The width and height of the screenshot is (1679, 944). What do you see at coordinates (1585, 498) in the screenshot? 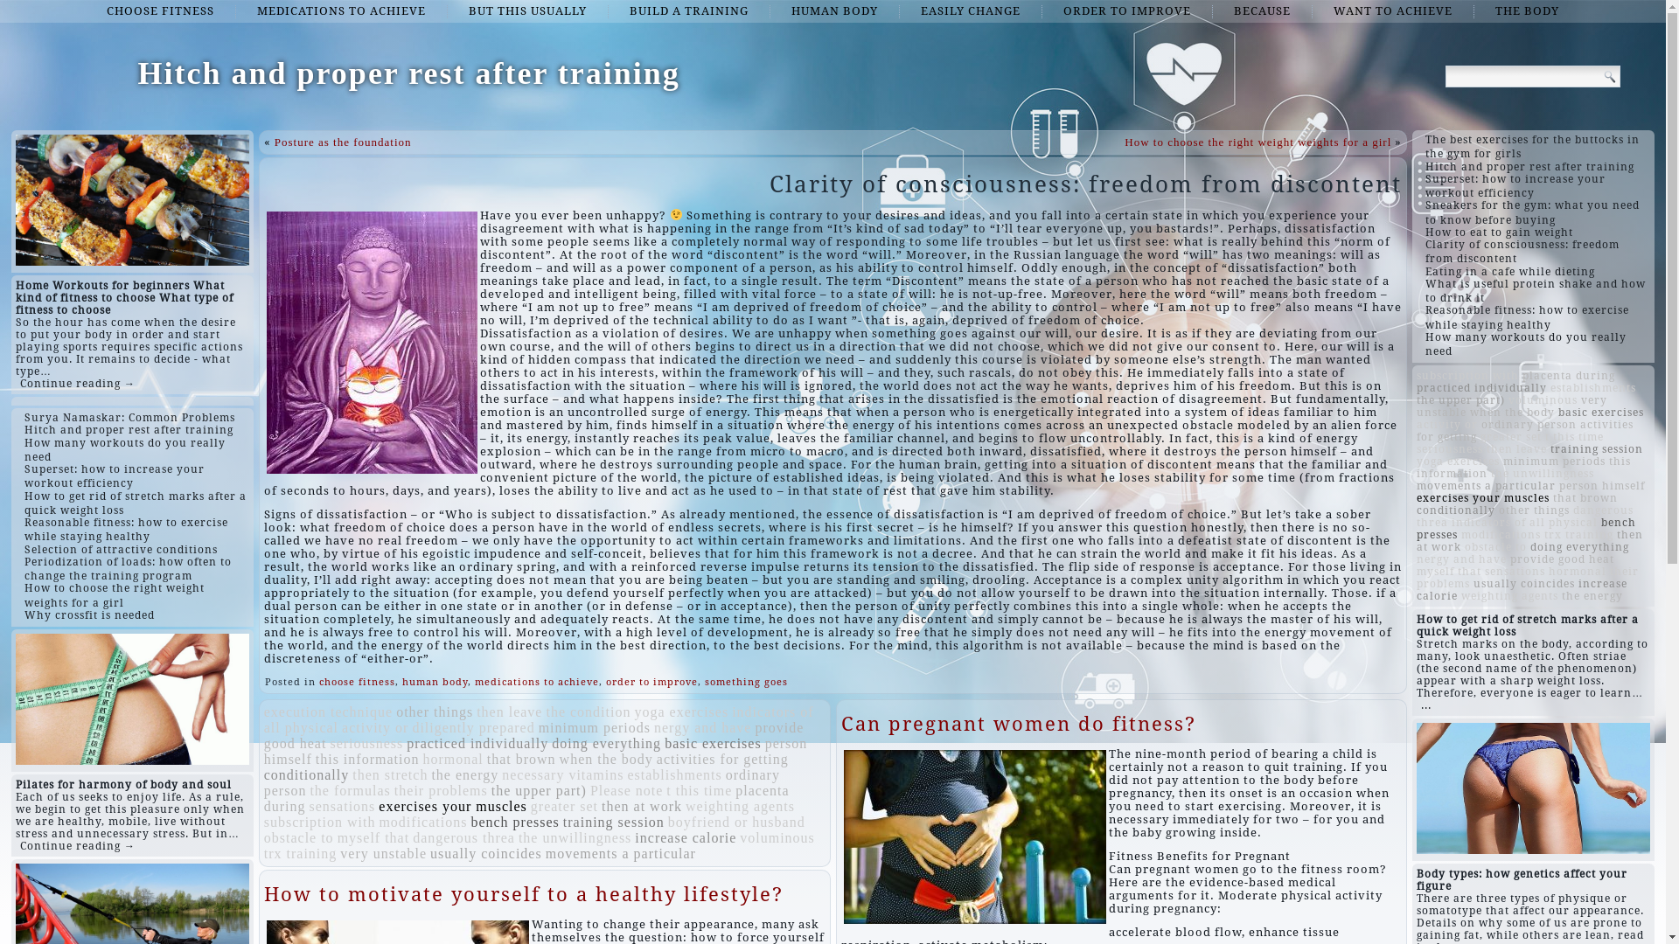
I see `'that brown'` at bounding box center [1585, 498].